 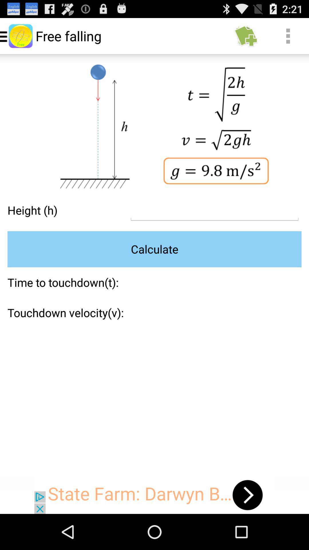 What do you see at coordinates (154, 495) in the screenshot?
I see `banner` at bounding box center [154, 495].